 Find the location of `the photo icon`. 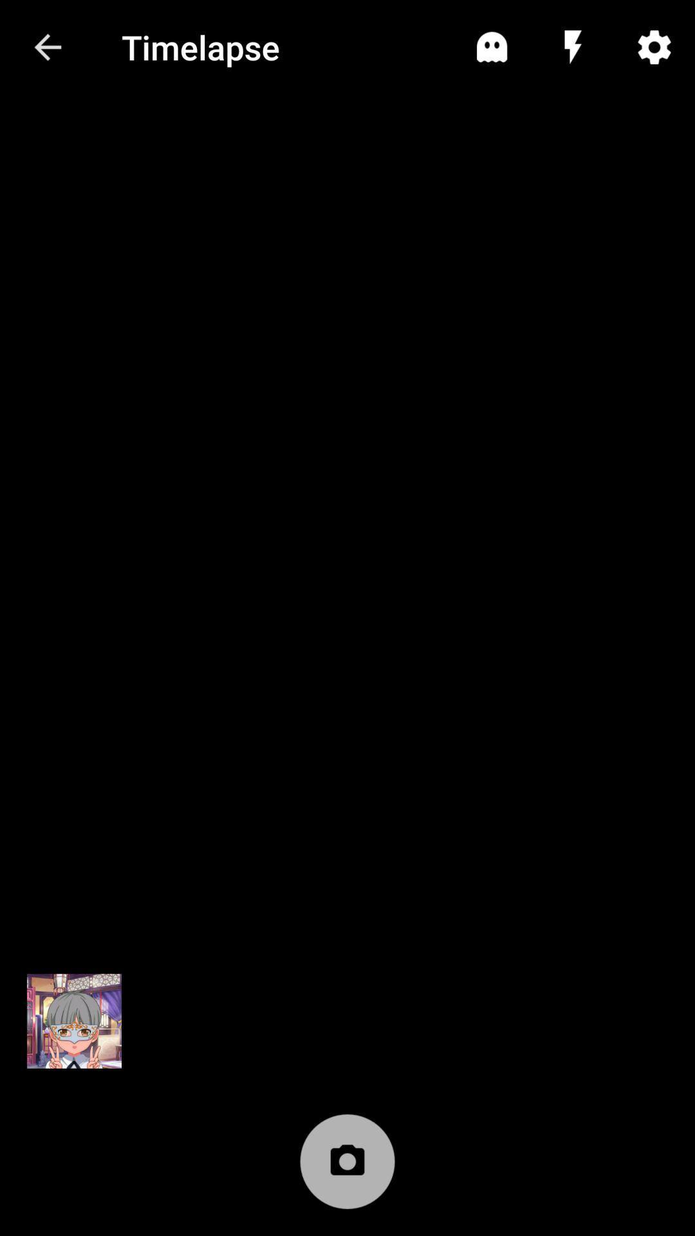

the photo icon is located at coordinates (347, 1168).